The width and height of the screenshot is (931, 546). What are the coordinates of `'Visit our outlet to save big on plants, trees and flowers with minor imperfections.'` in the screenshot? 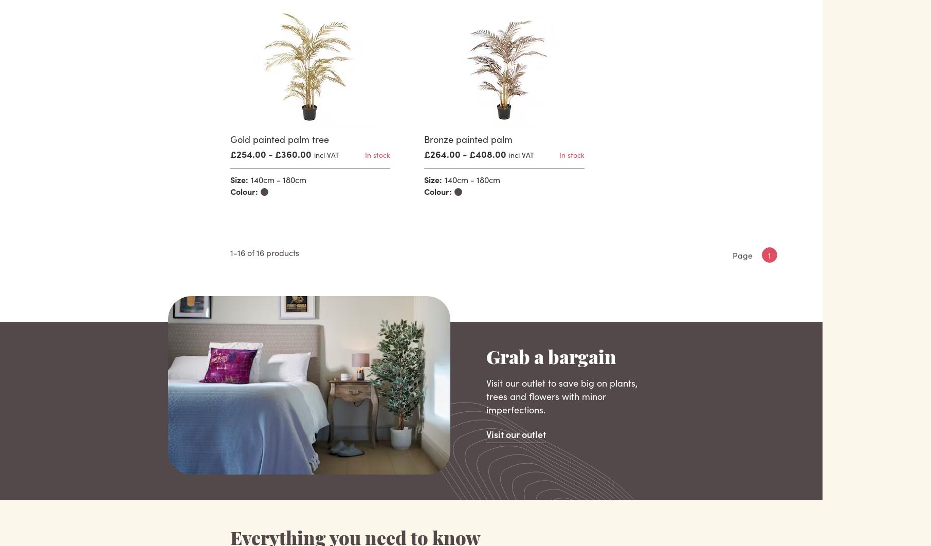 It's located at (561, 396).